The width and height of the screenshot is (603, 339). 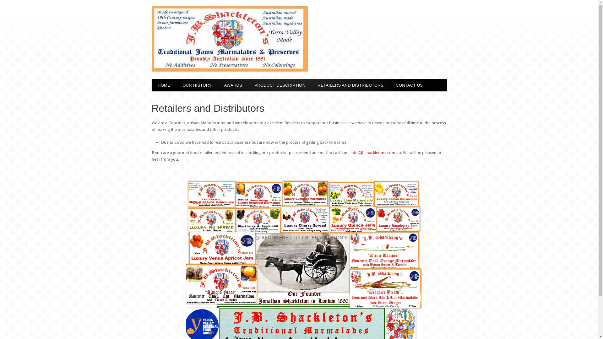 What do you see at coordinates (409, 85) in the screenshot?
I see `'CONTACT US'` at bounding box center [409, 85].